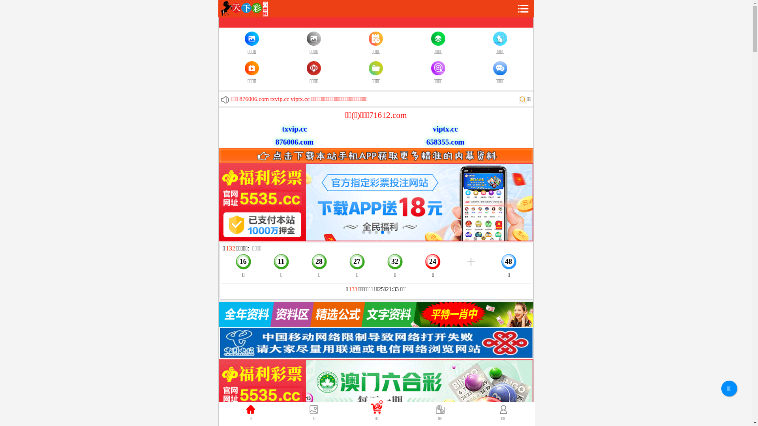 The image size is (758, 426). I want to click on '876006.com', so click(291, 141).